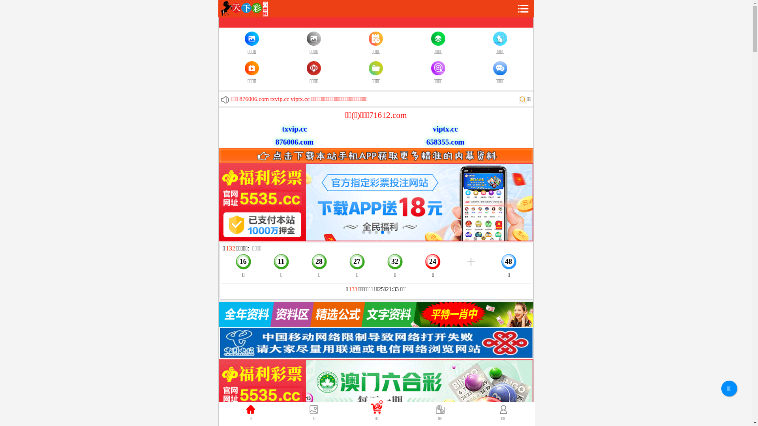 The image size is (758, 426). I want to click on '876006.com', so click(291, 141).